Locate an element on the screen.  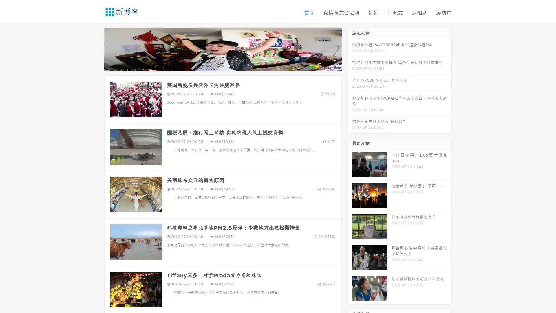
Go to slide 2 is located at coordinates (222, 65).